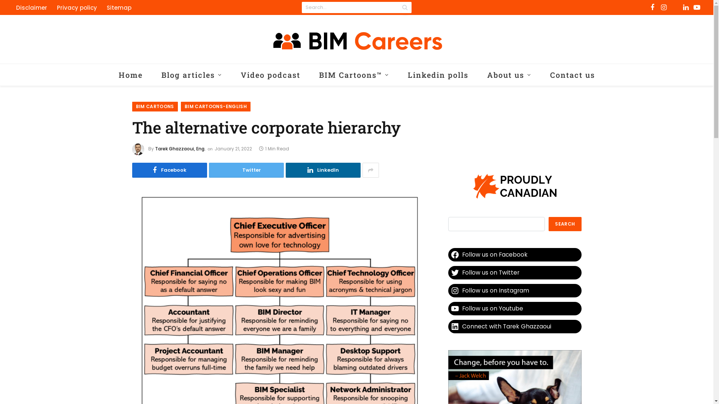 The width and height of the screenshot is (719, 404). What do you see at coordinates (477, 75) in the screenshot?
I see `'About us'` at bounding box center [477, 75].